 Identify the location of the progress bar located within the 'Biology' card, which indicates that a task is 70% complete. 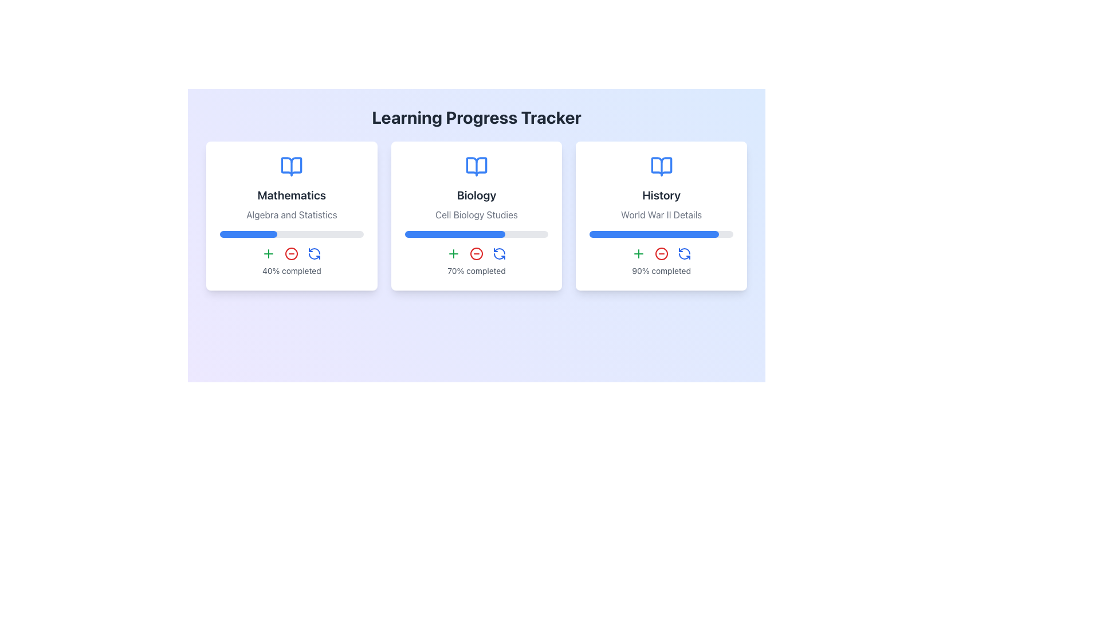
(476, 233).